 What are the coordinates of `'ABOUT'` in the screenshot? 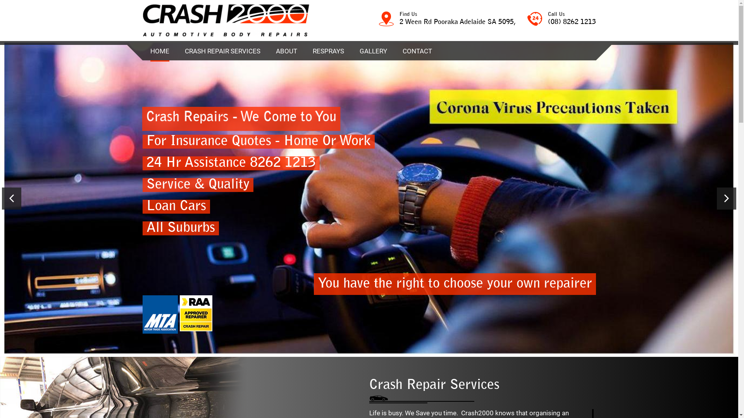 It's located at (286, 51).